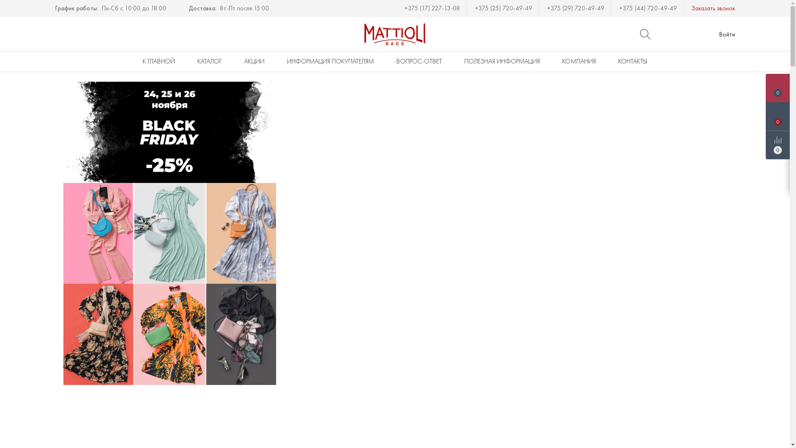  Describe the element at coordinates (434, 8) in the screenshot. I see `'+375 (17) 227-13-08'` at that location.